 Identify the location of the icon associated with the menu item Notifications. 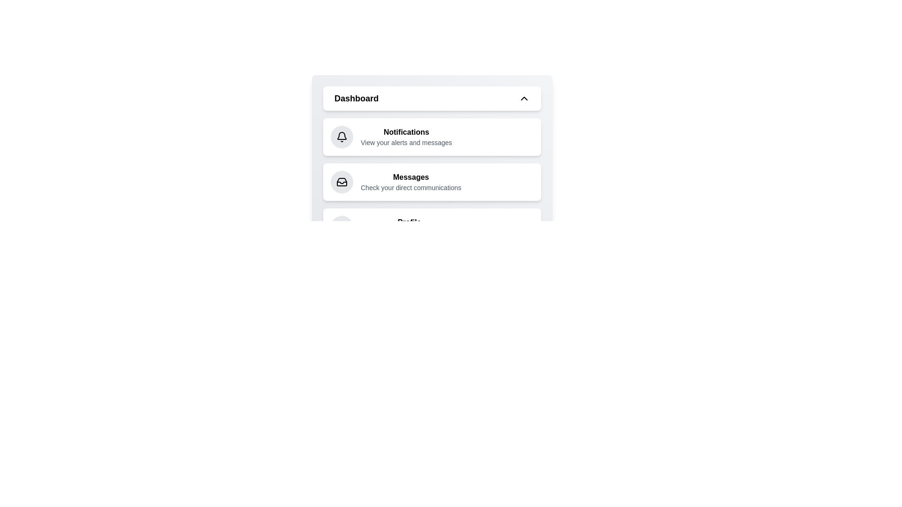
(342, 137).